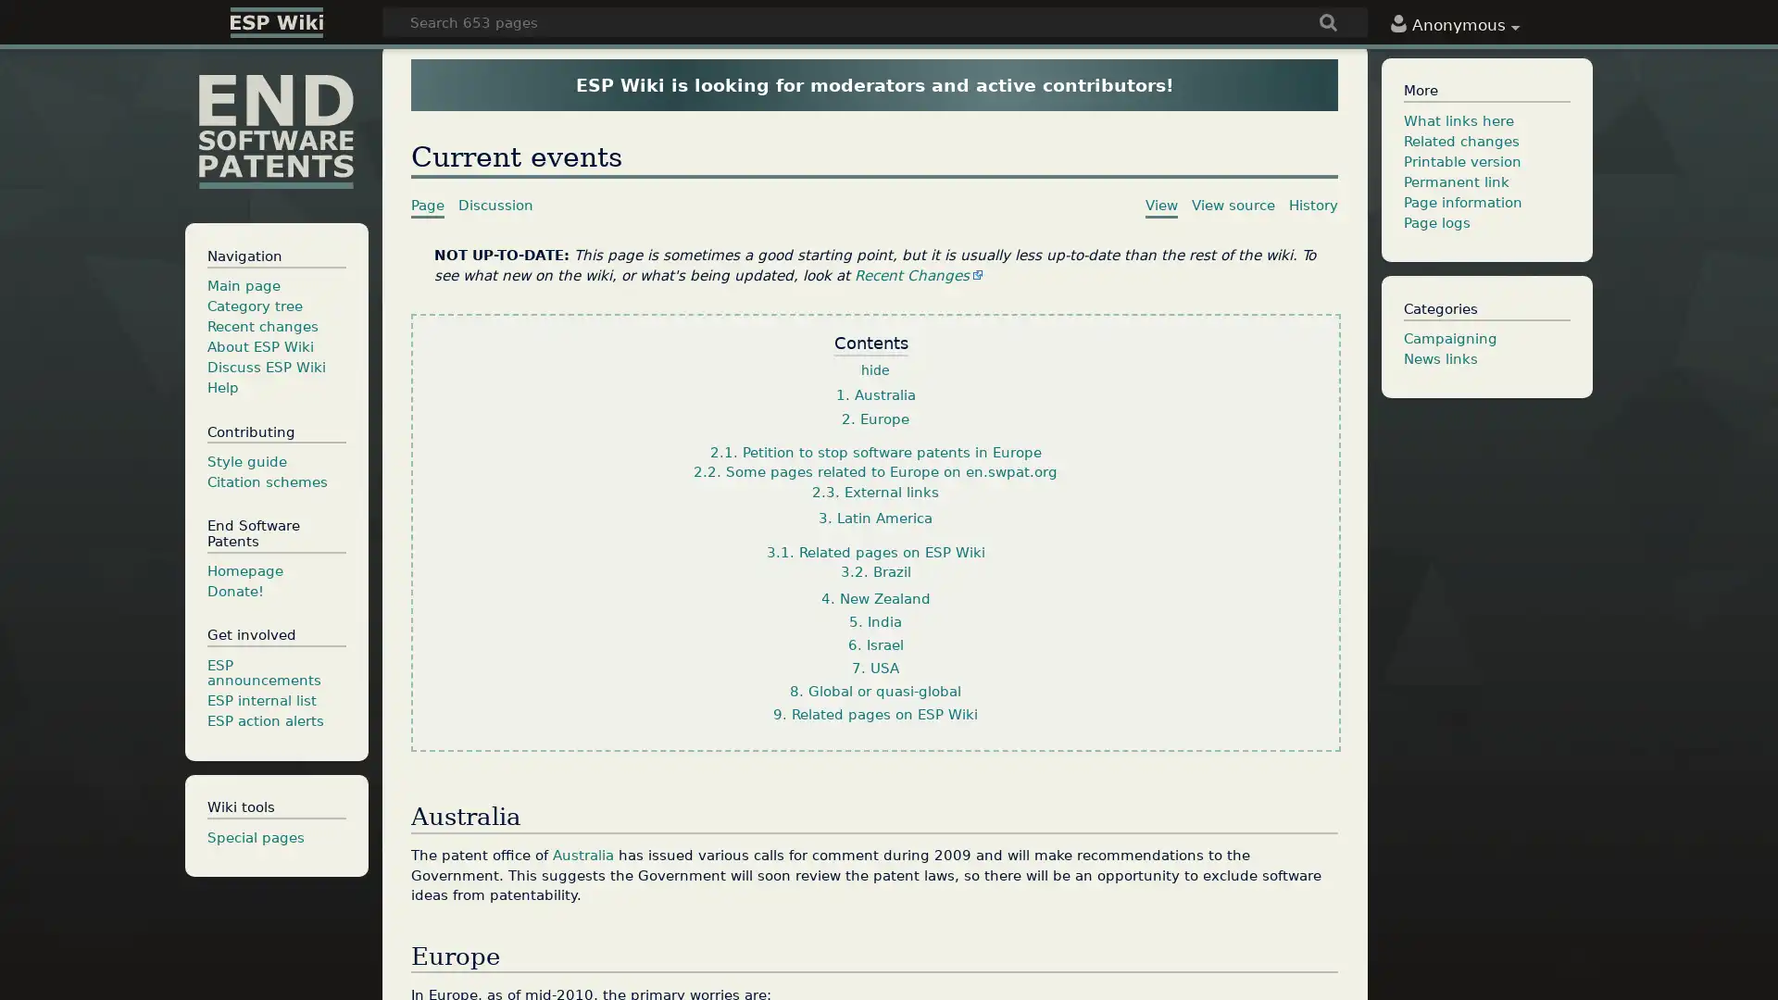 This screenshot has width=1778, height=1000. What do you see at coordinates (1328, 24) in the screenshot?
I see `Go` at bounding box center [1328, 24].